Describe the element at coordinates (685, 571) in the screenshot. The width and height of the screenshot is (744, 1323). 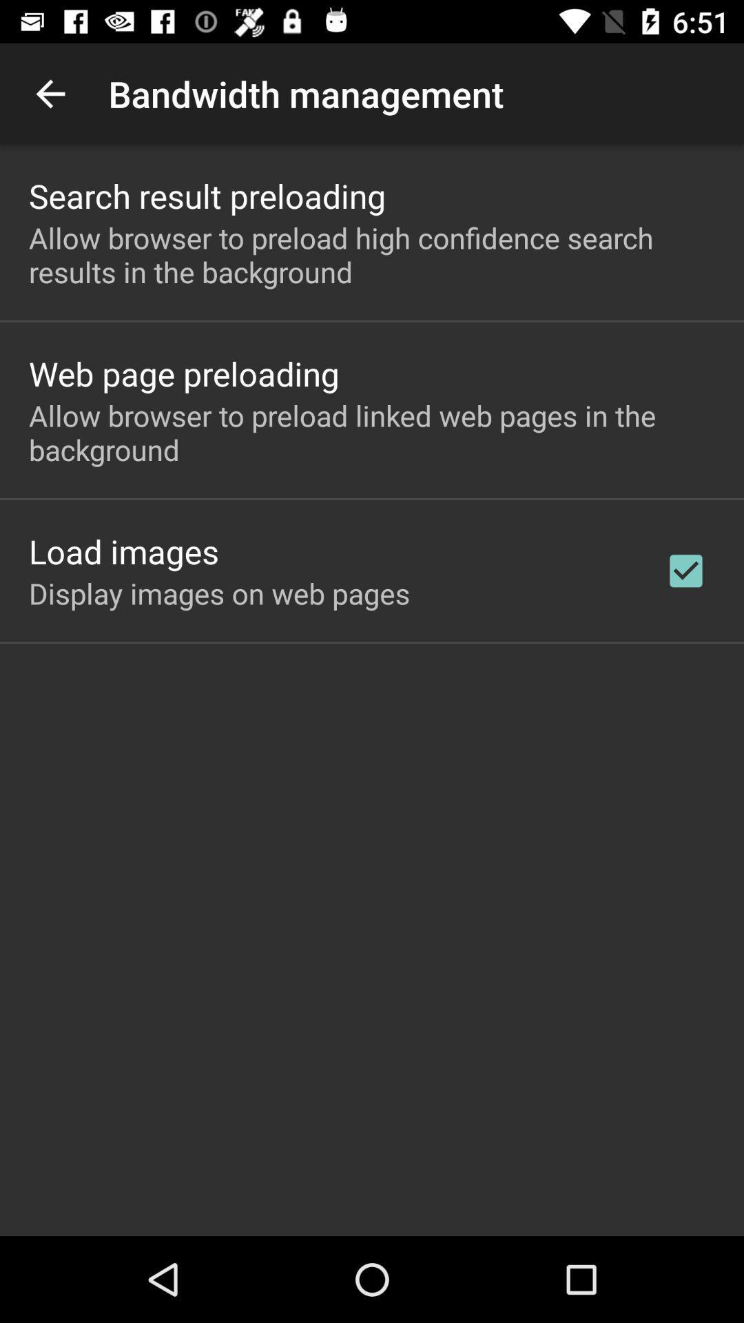
I see `the item next to display images on app` at that location.